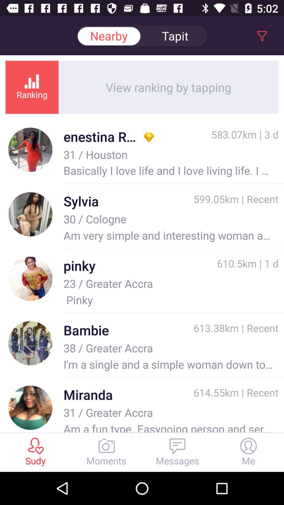 Image resolution: width=284 pixels, height=505 pixels. Describe the element at coordinates (175, 36) in the screenshot. I see `icon next to the nearby icon` at that location.